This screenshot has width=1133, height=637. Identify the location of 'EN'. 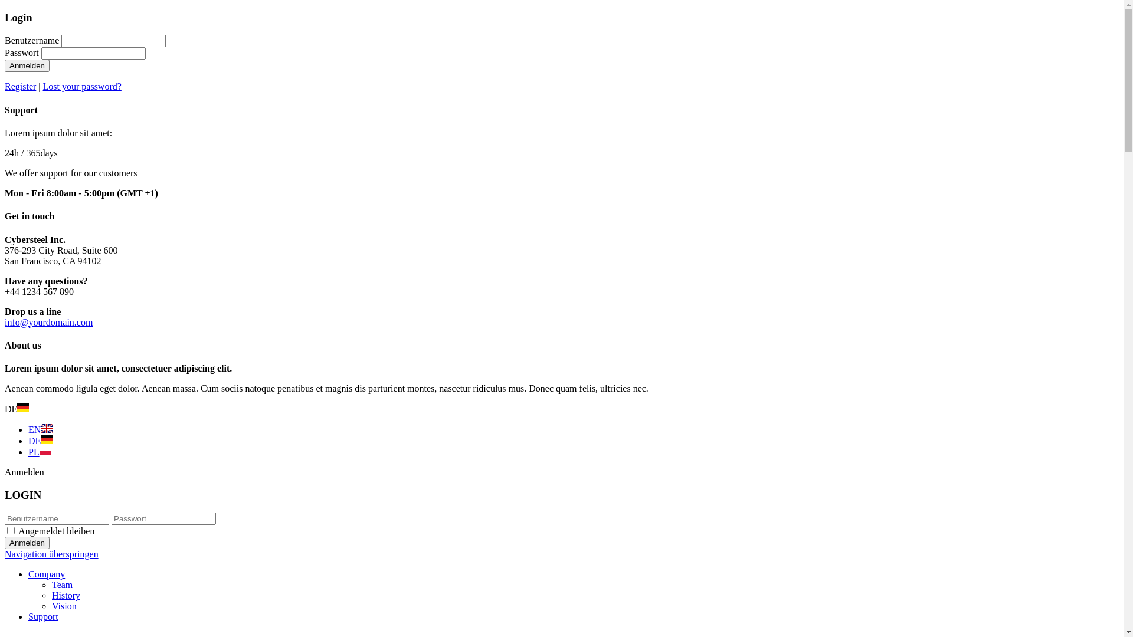
(40, 429).